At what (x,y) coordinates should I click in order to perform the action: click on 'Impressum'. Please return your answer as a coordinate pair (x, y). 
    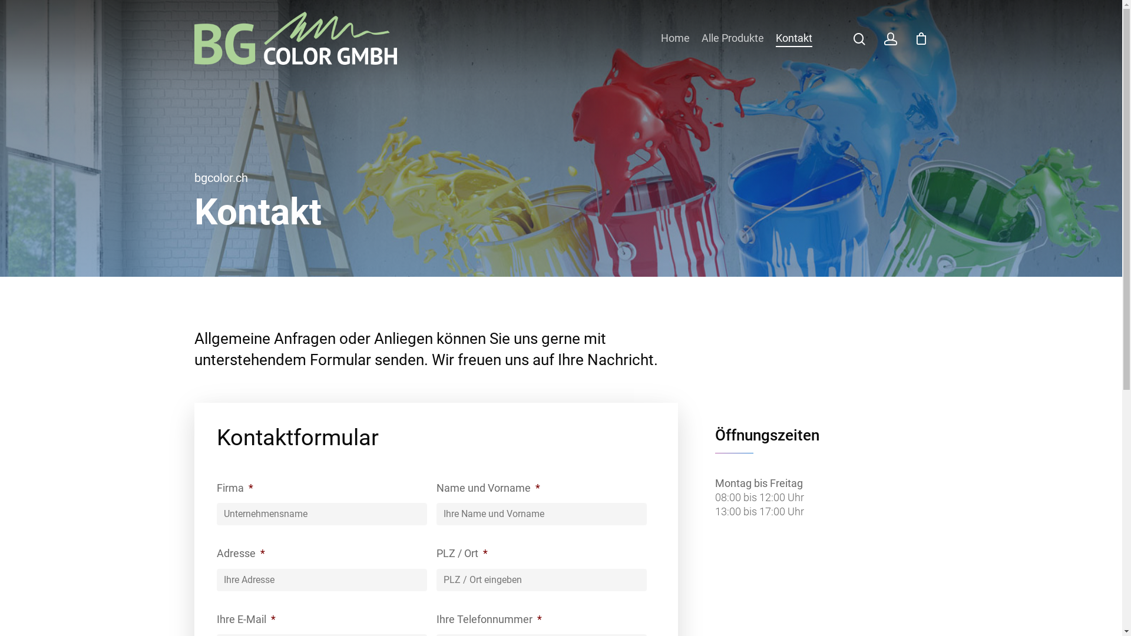
    Looking at the image, I should click on (810, 488).